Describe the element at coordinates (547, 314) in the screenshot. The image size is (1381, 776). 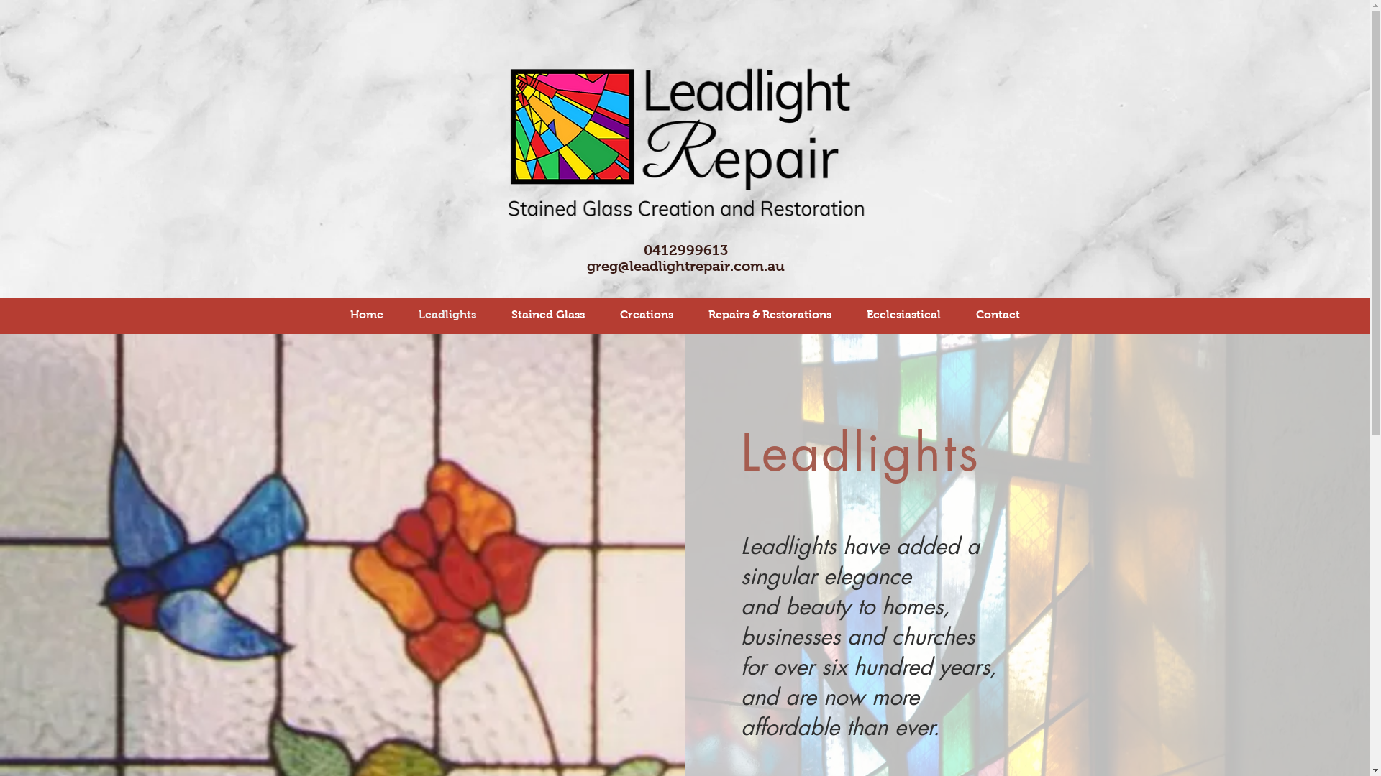
I see `'Stained Glass'` at that location.